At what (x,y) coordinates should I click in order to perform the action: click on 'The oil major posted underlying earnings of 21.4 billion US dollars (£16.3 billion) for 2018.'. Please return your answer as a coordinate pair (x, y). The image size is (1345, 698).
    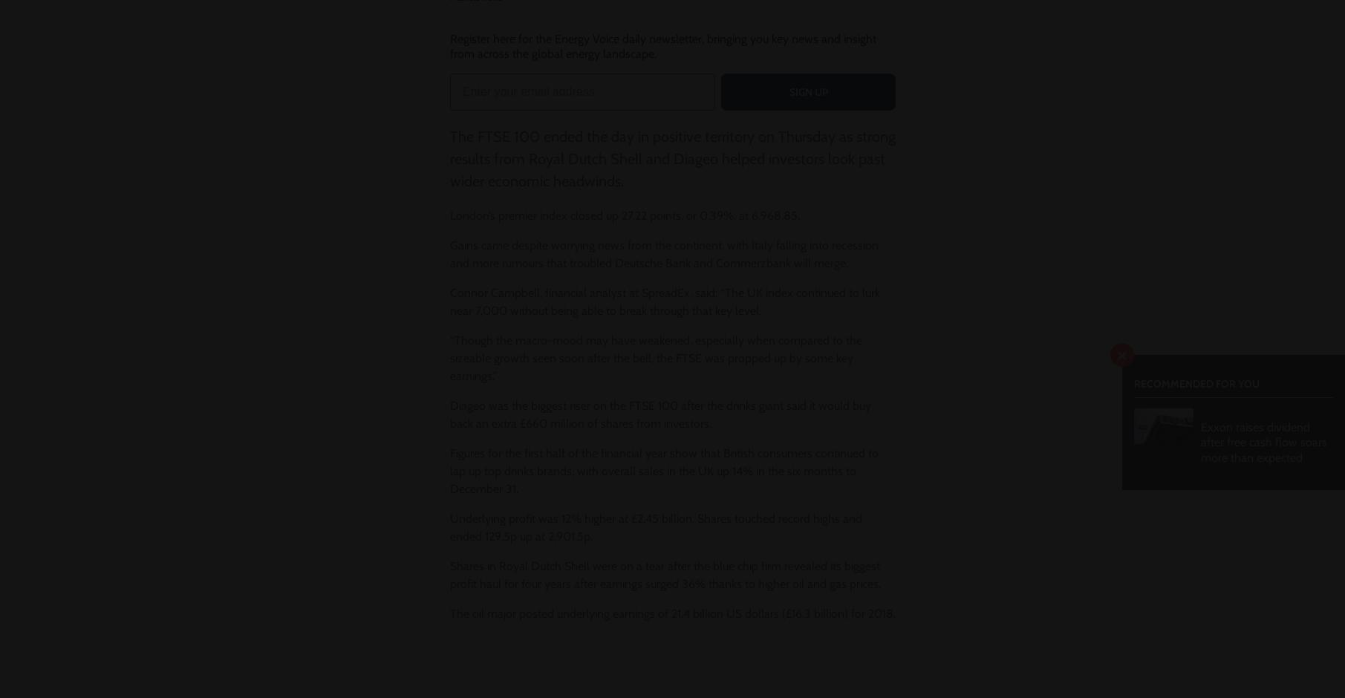
    Looking at the image, I should click on (671, 613).